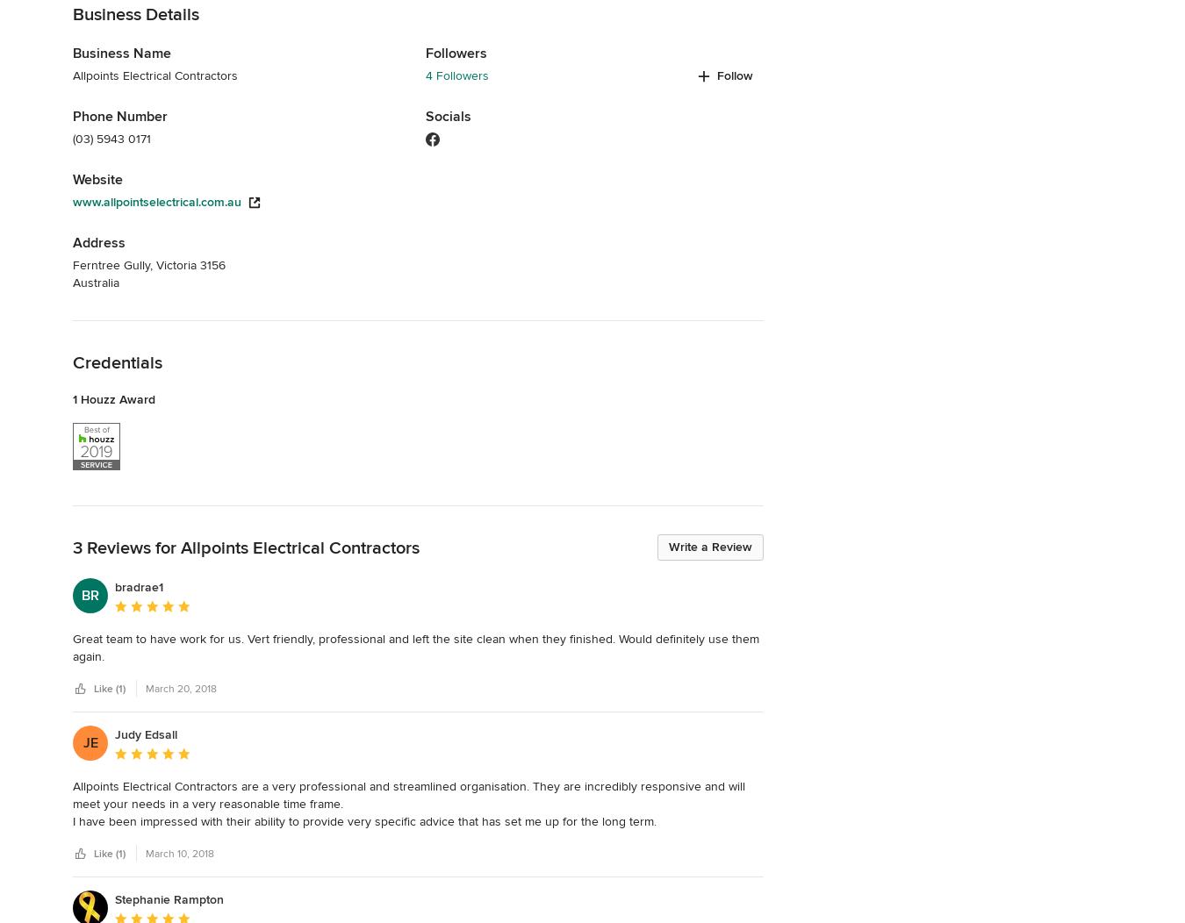 This screenshot has height=923, width=1185. Describe the element at coordinates (176, 264) in the screenshot. I see `'Victoria'` at that location.